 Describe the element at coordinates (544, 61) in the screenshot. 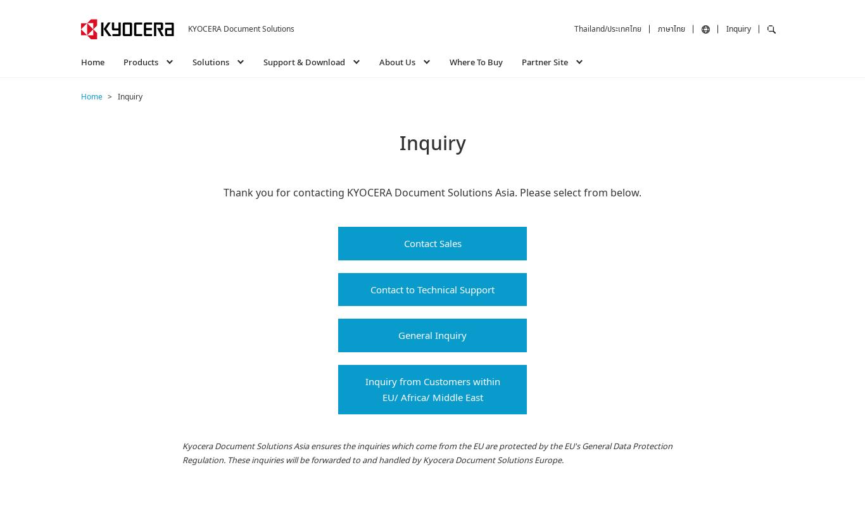

I see `'Partner Site'` at that location.